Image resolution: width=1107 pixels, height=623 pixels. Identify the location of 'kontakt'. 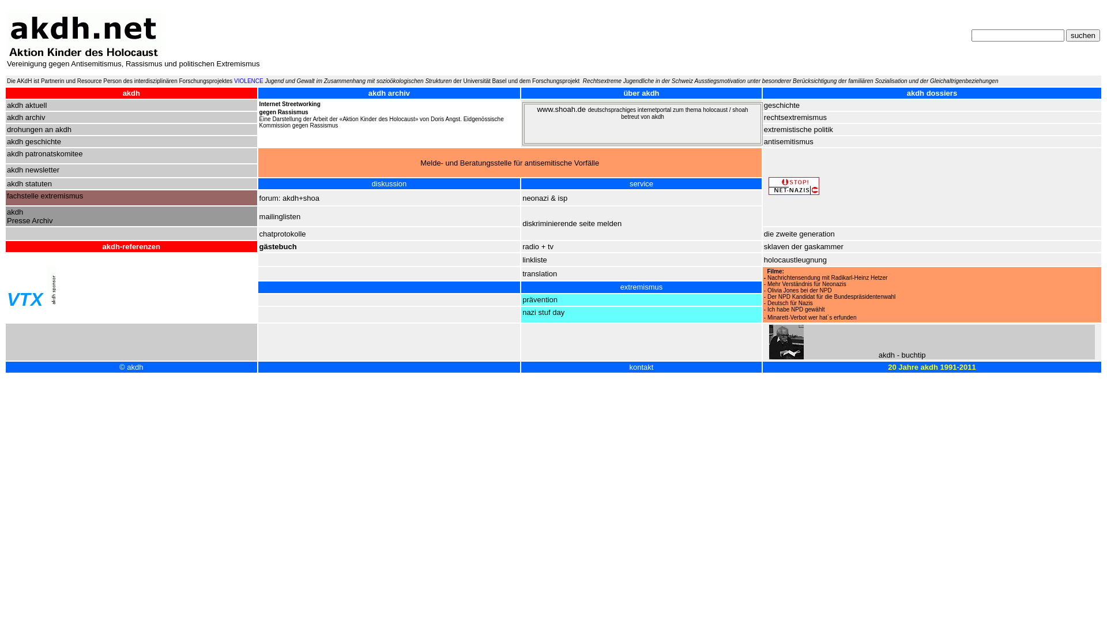
(641, 367).